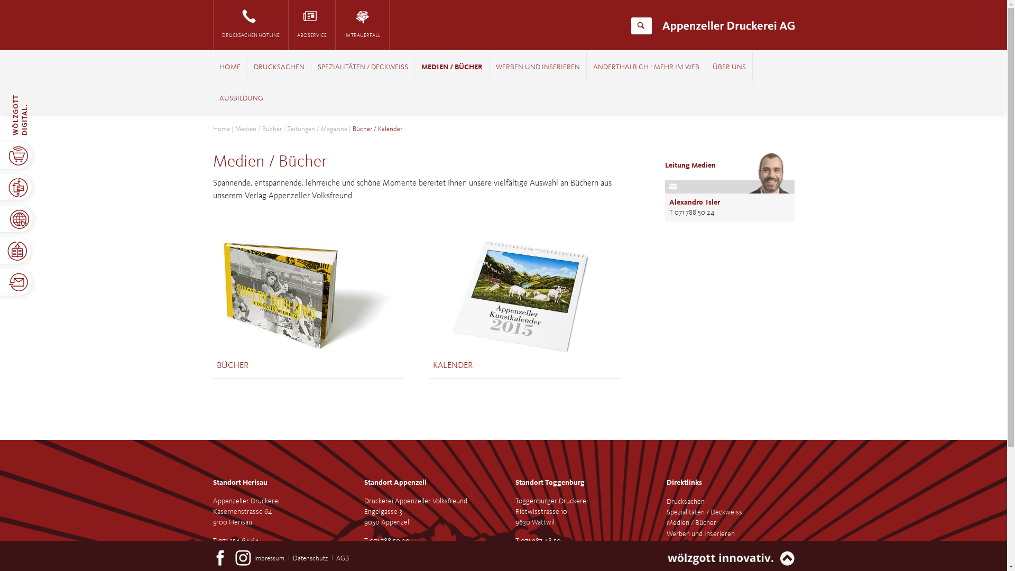 The height and width of the screenshot is (571, 1015). I want to click on 'Drucksachen', so click(685, 501).